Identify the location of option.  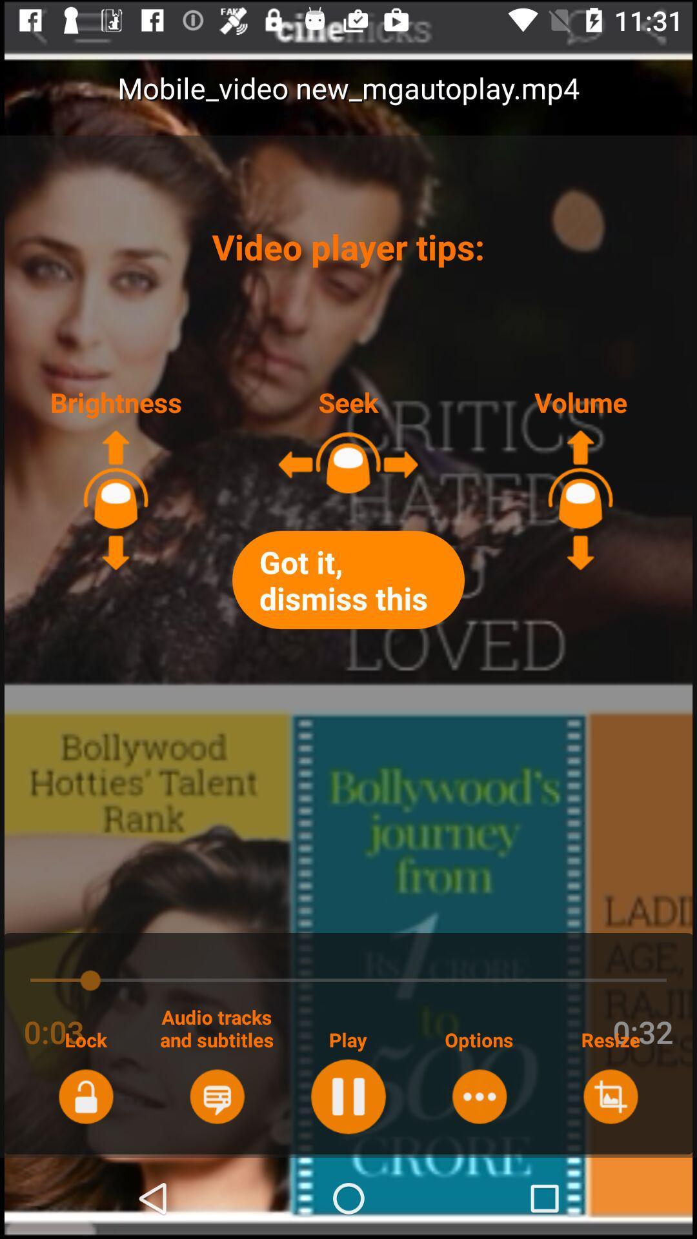
(479, 1096).